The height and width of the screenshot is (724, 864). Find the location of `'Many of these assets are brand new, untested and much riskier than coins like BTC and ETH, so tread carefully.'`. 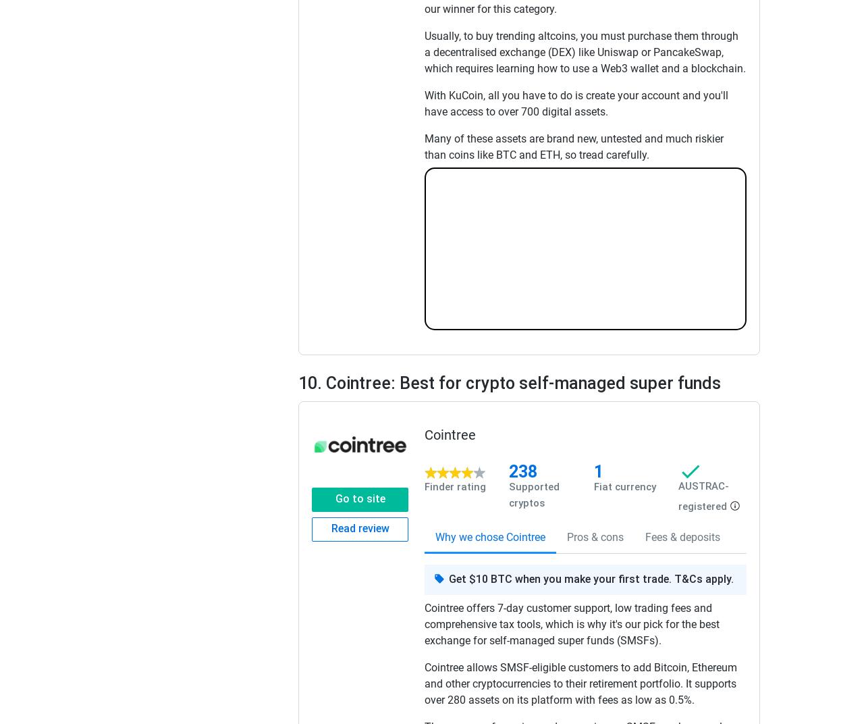

'Many of these assets are brand new, untested and much riskier than coins like BTC and ETH, so tread carefully.' is located at coordinates (574, 147).